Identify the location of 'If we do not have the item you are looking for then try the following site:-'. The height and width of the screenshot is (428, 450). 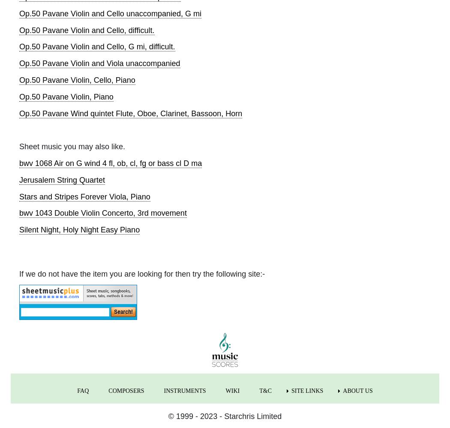
(142, 274).